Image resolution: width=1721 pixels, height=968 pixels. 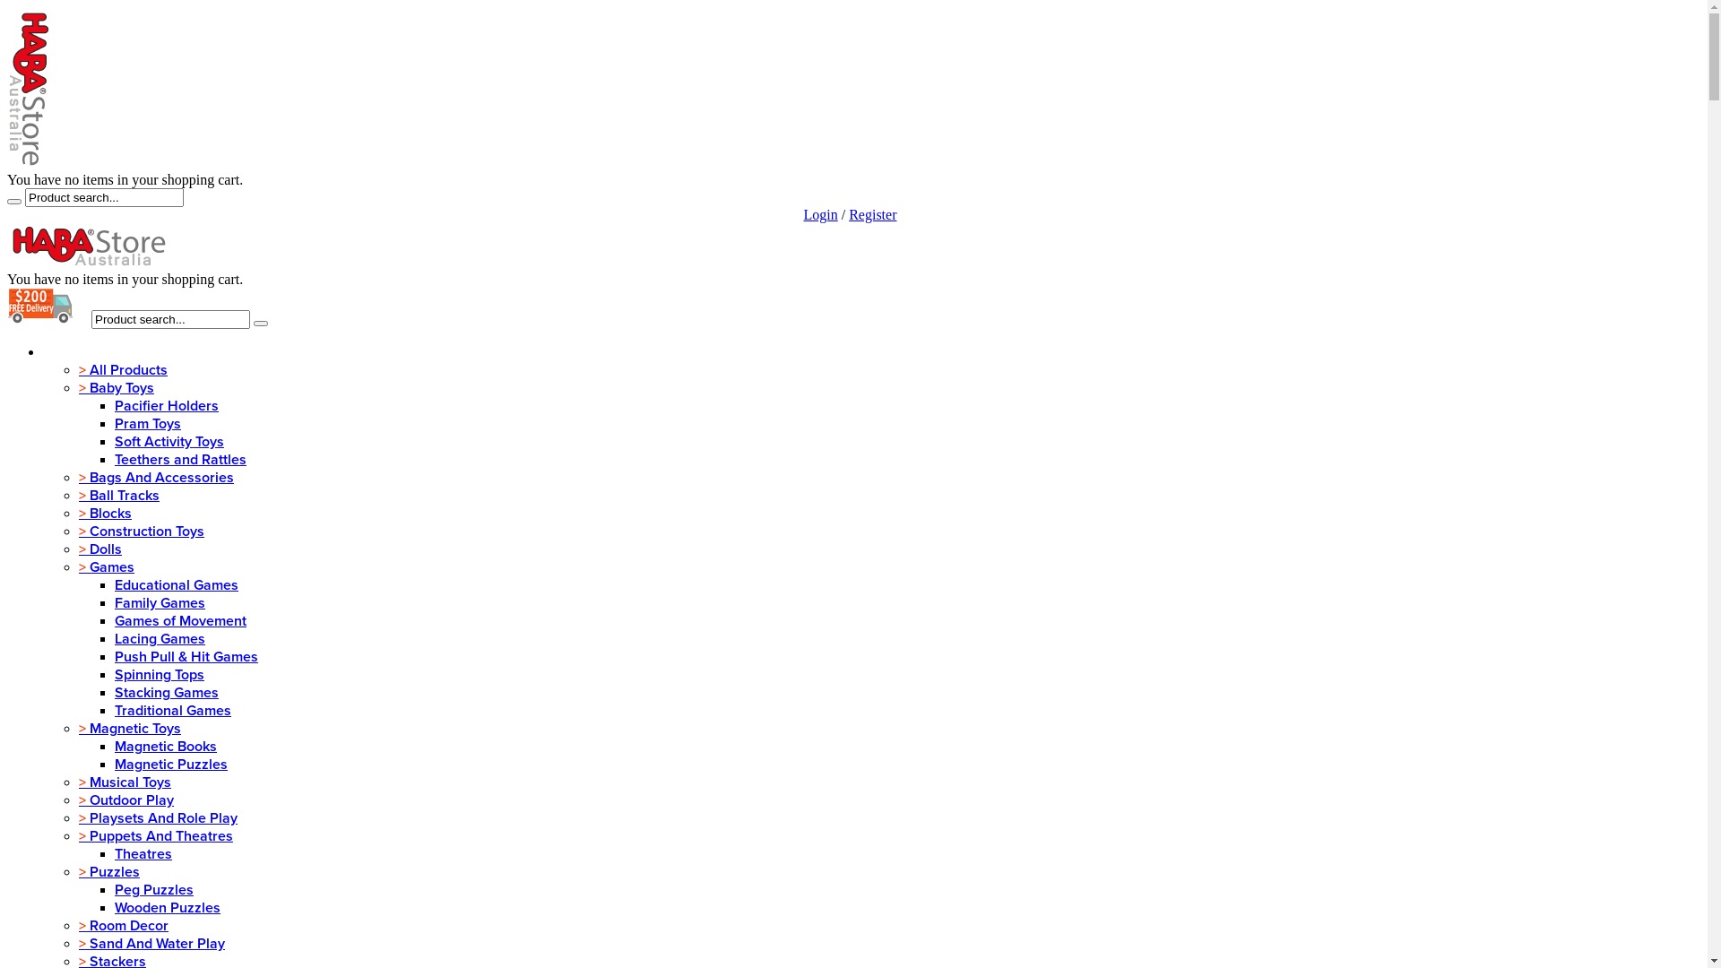 I want to click on '> Outdoor Play', so click(x=125, y=799).